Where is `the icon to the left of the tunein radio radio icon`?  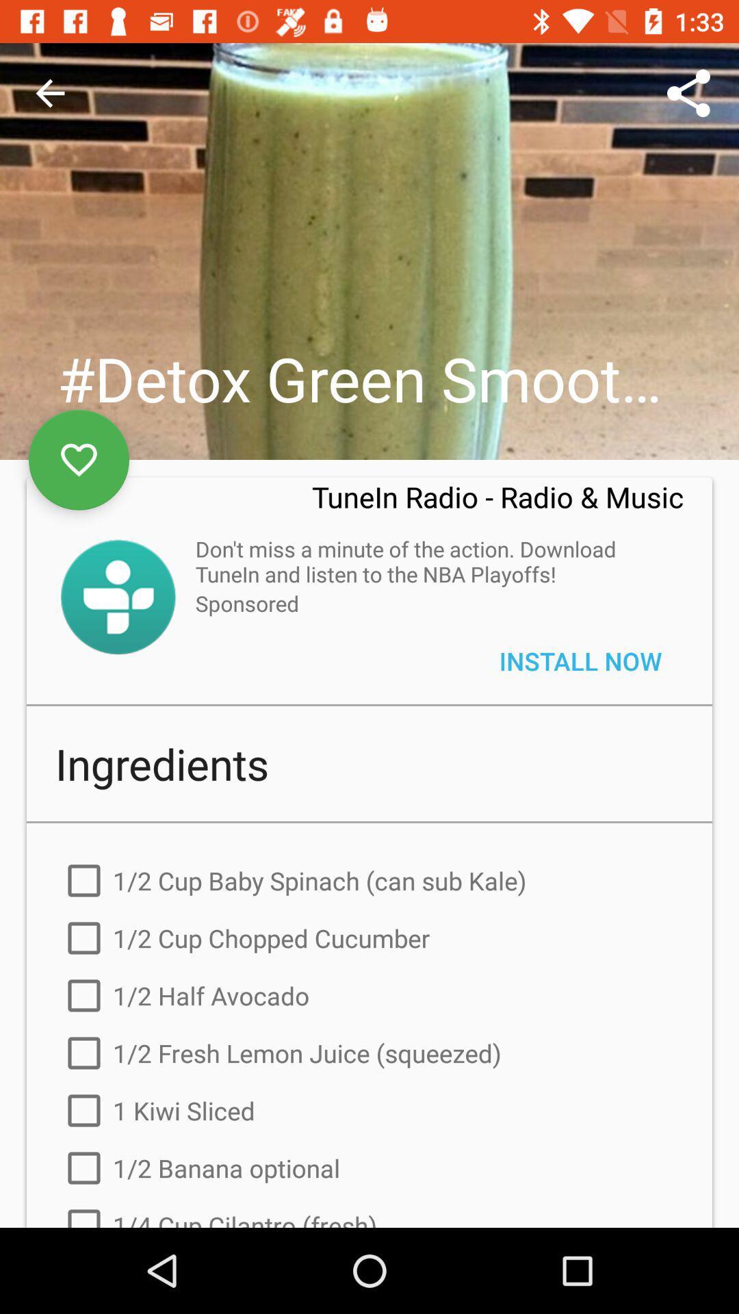
the icon to the left of the tunein radio radio icon is located at coordinates (79, 460).